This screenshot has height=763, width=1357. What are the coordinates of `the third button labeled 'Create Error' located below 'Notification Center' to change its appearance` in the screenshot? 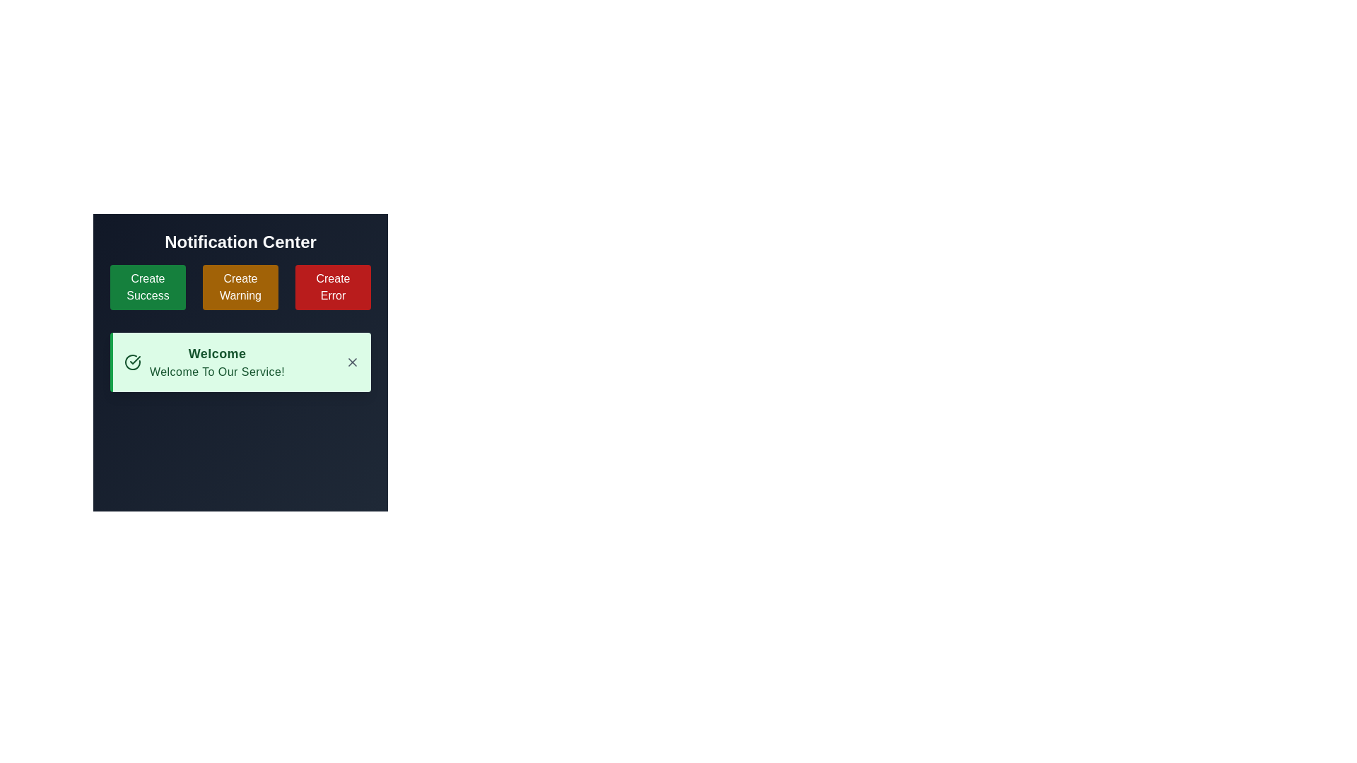 It's located at (332, 287).